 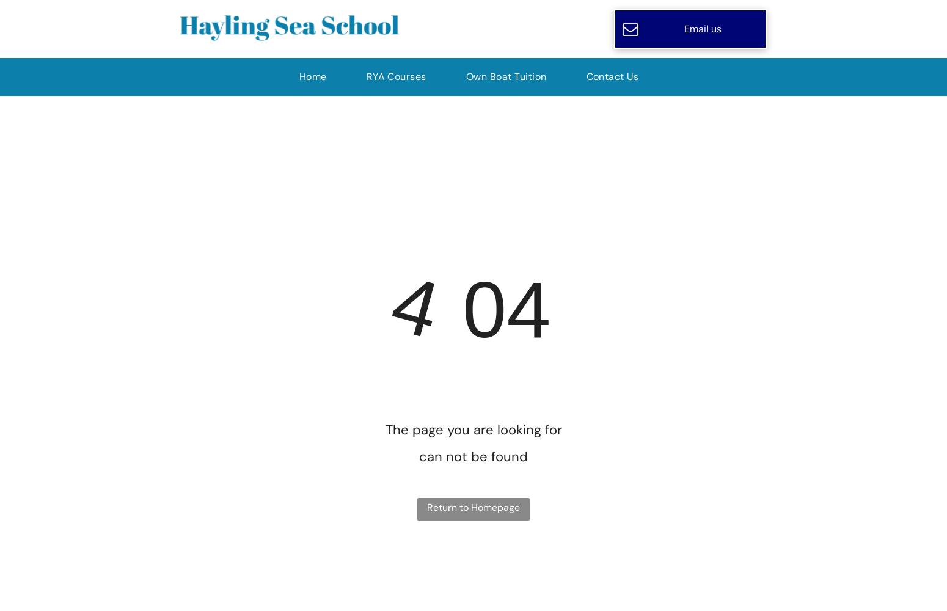 I want to click on 'The page you are looking for', so click(x=473, y=429).